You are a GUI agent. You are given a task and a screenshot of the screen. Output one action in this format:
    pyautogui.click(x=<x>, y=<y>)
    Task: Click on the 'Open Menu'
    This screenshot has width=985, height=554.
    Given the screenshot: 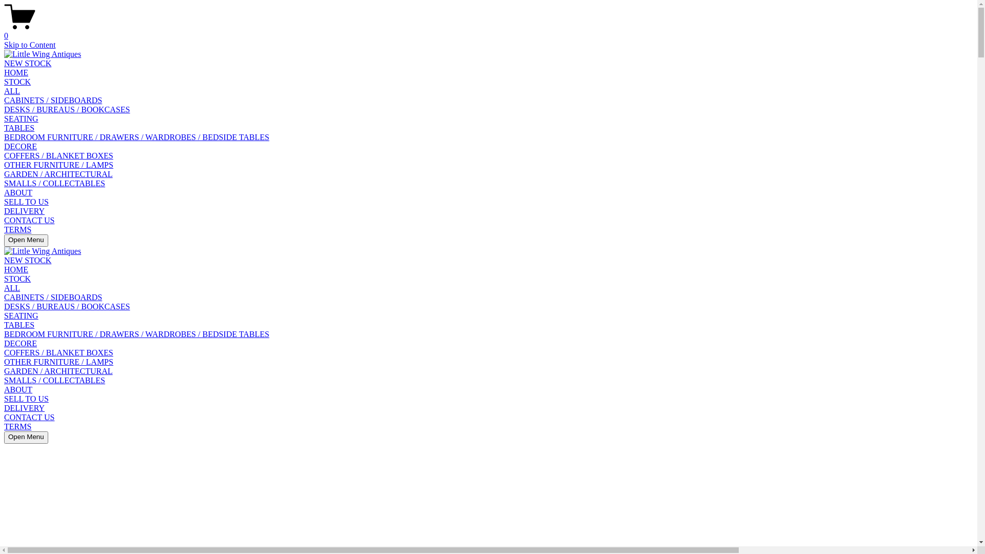 What is the action you would take?
    pyautogui.click(x=26, y=241)
    